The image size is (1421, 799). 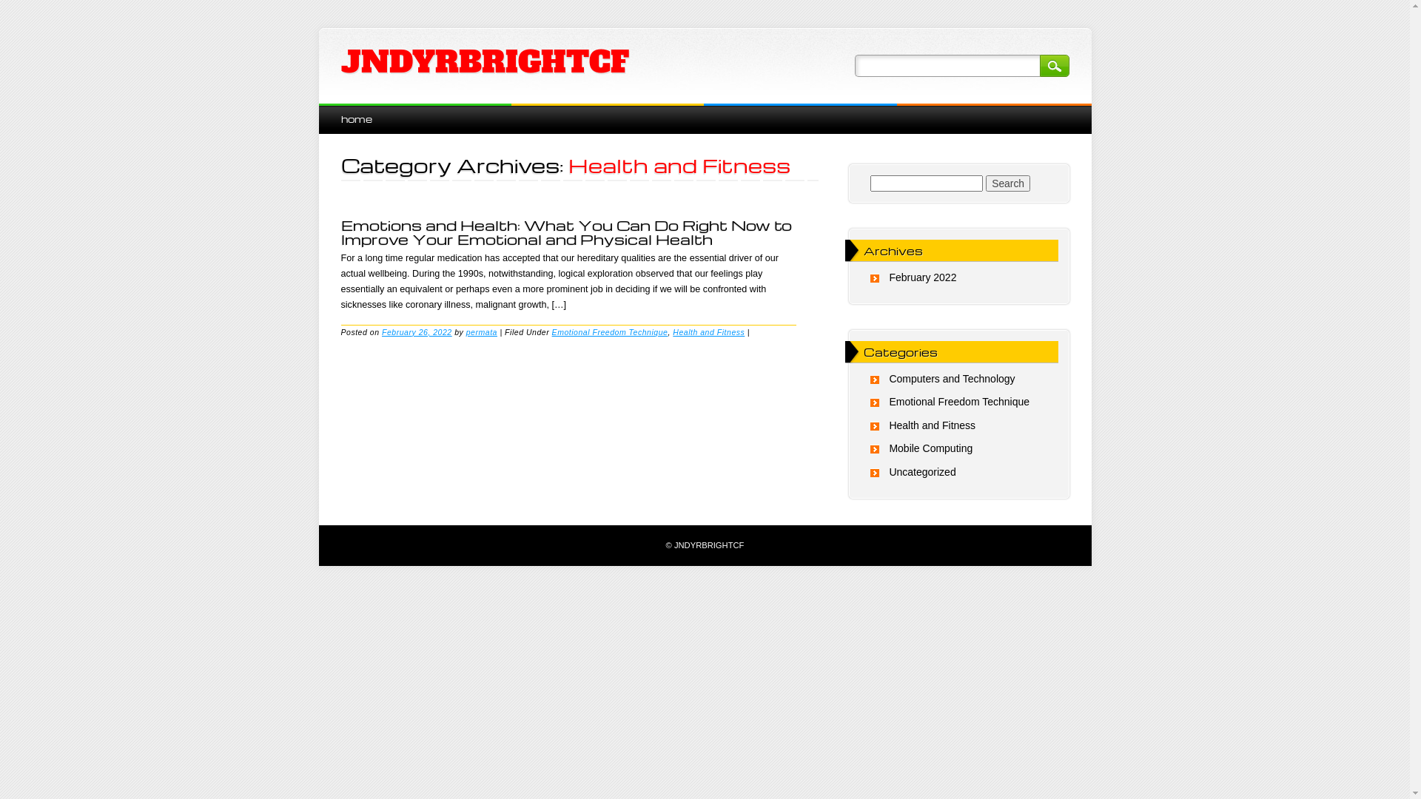 I want to click on 'Health and Fitness', so click(x=931, y=425).